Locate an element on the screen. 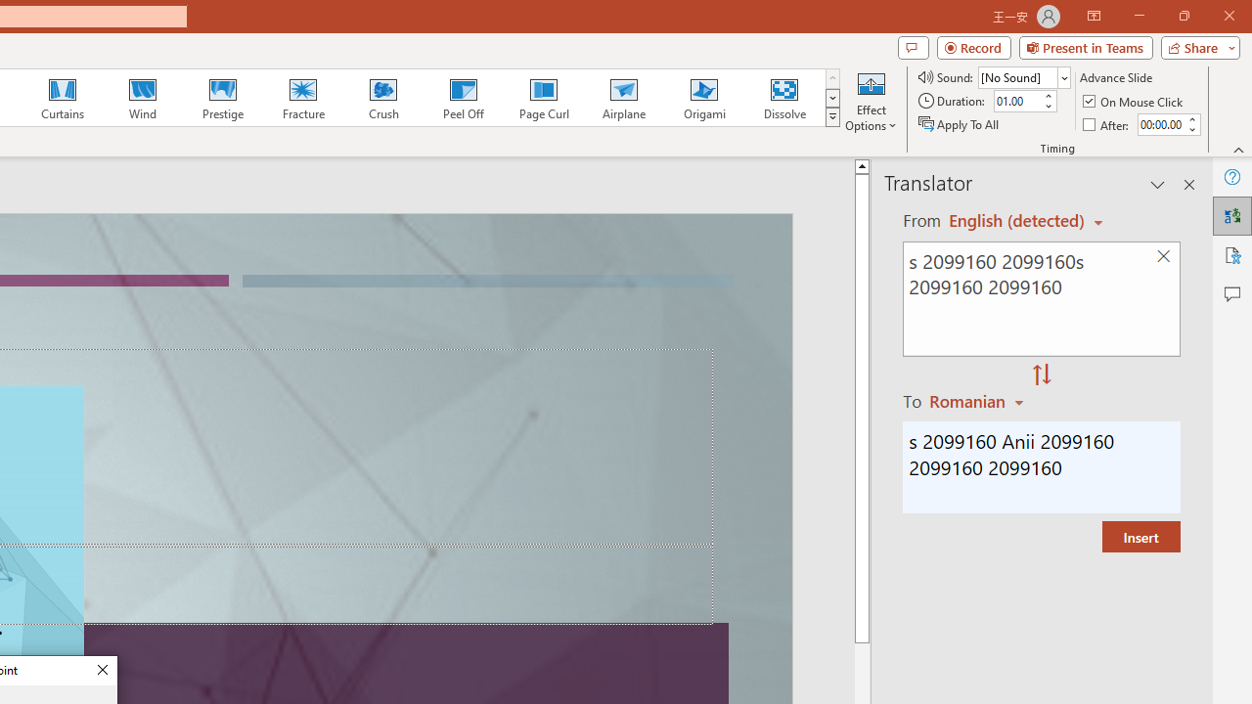  'Page Curl' is located at coordinates (543, 98).